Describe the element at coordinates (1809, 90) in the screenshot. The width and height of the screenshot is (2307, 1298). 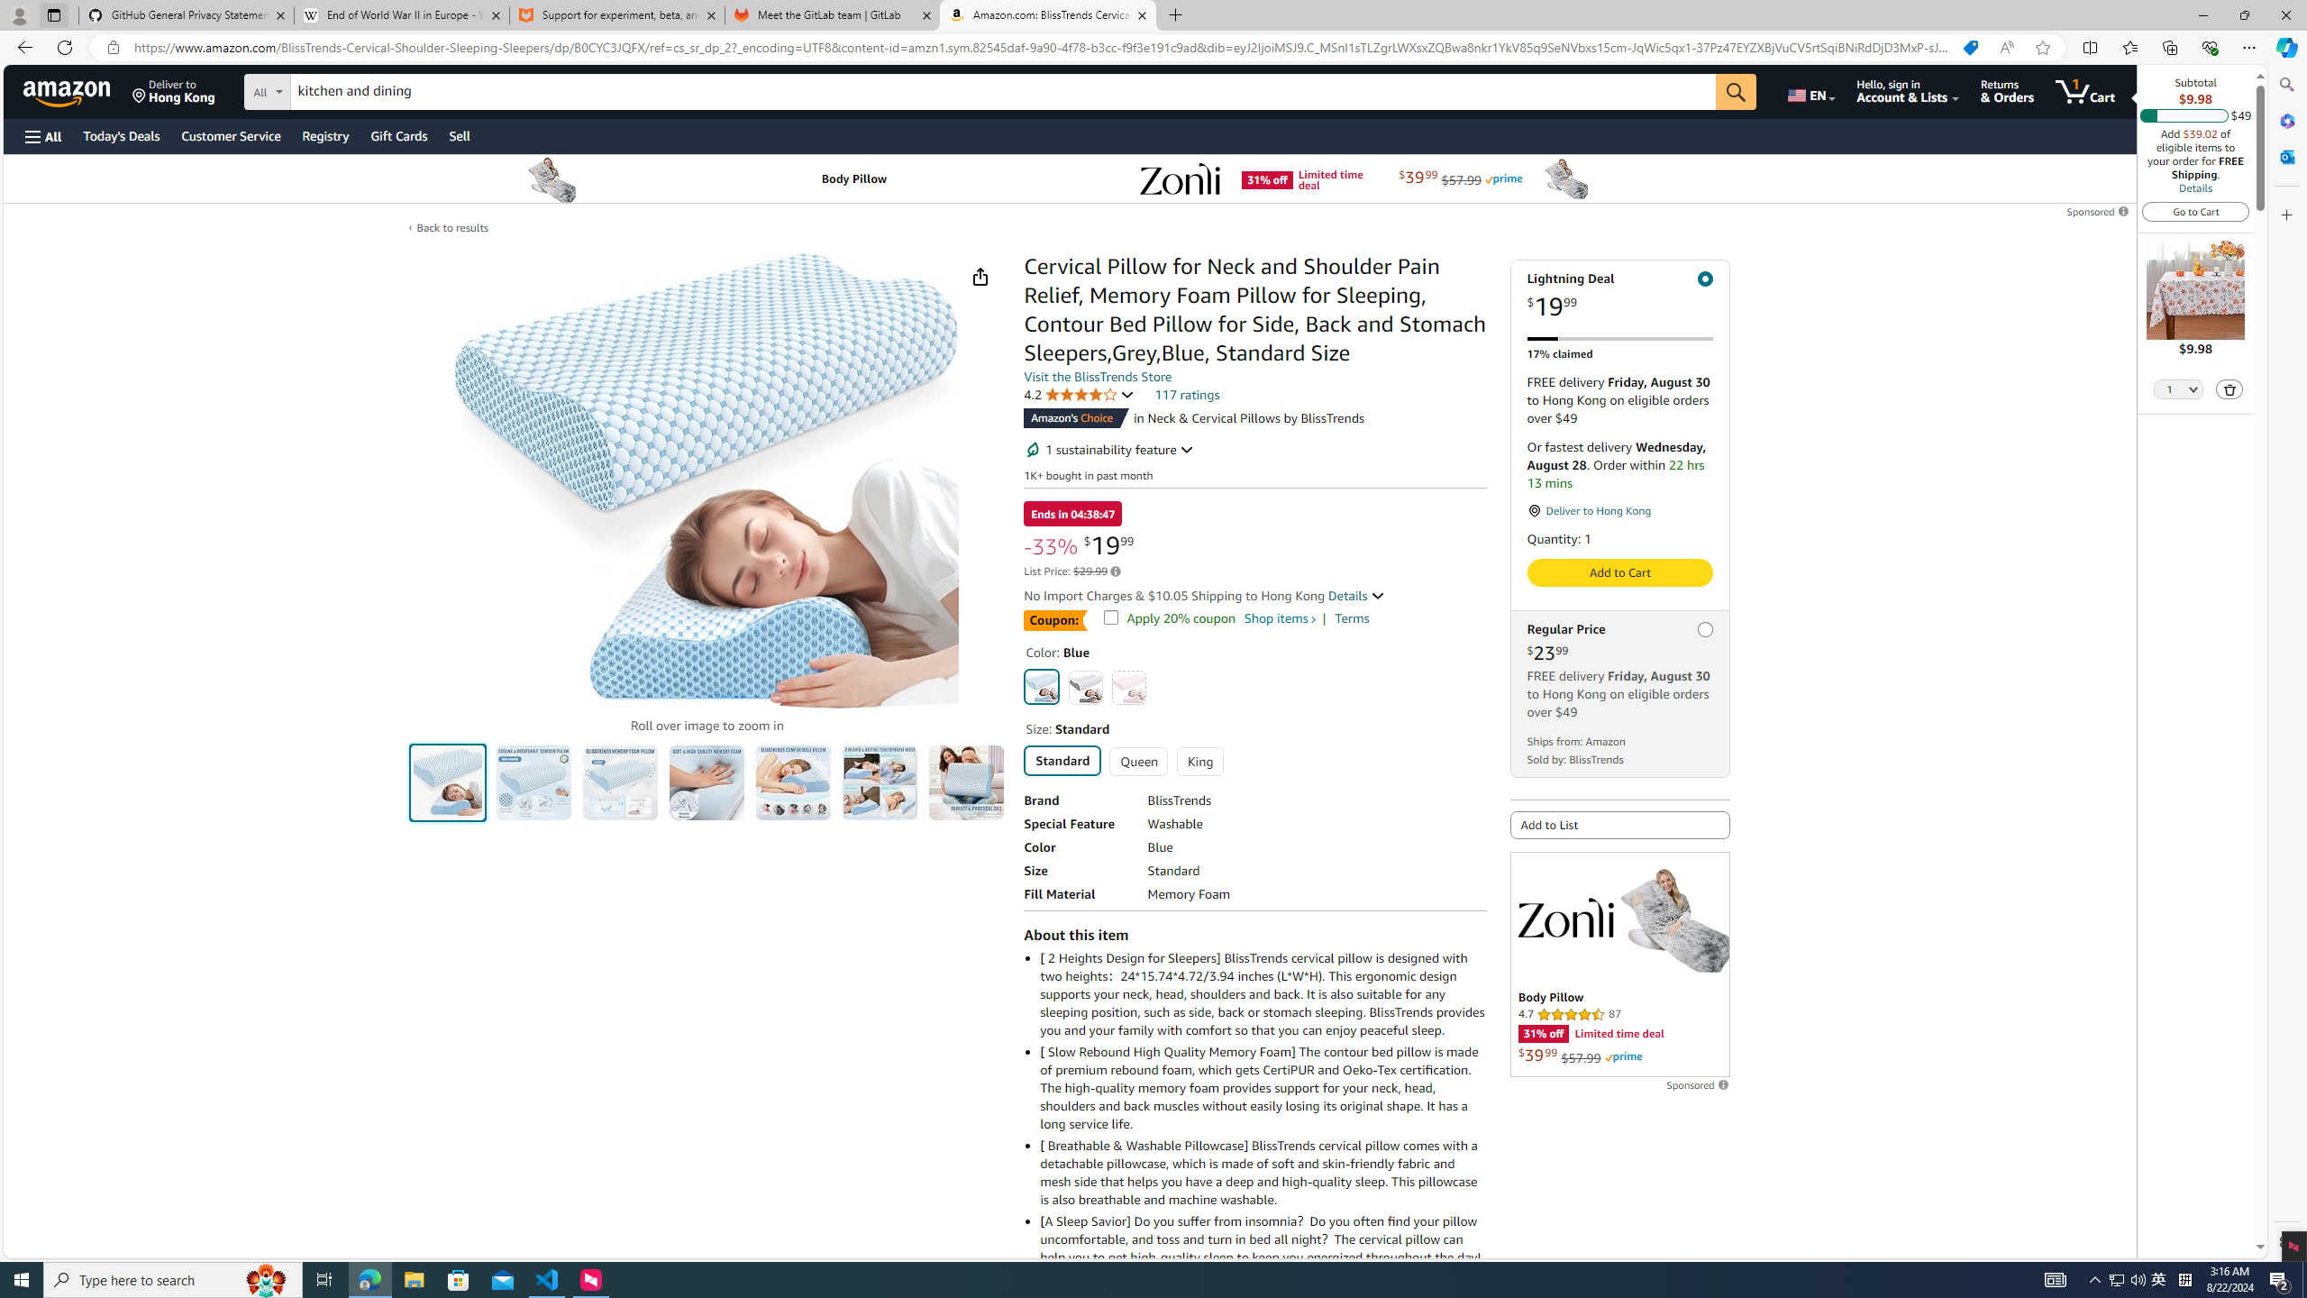
I see `'Choose a language for shopping.'` at that location.